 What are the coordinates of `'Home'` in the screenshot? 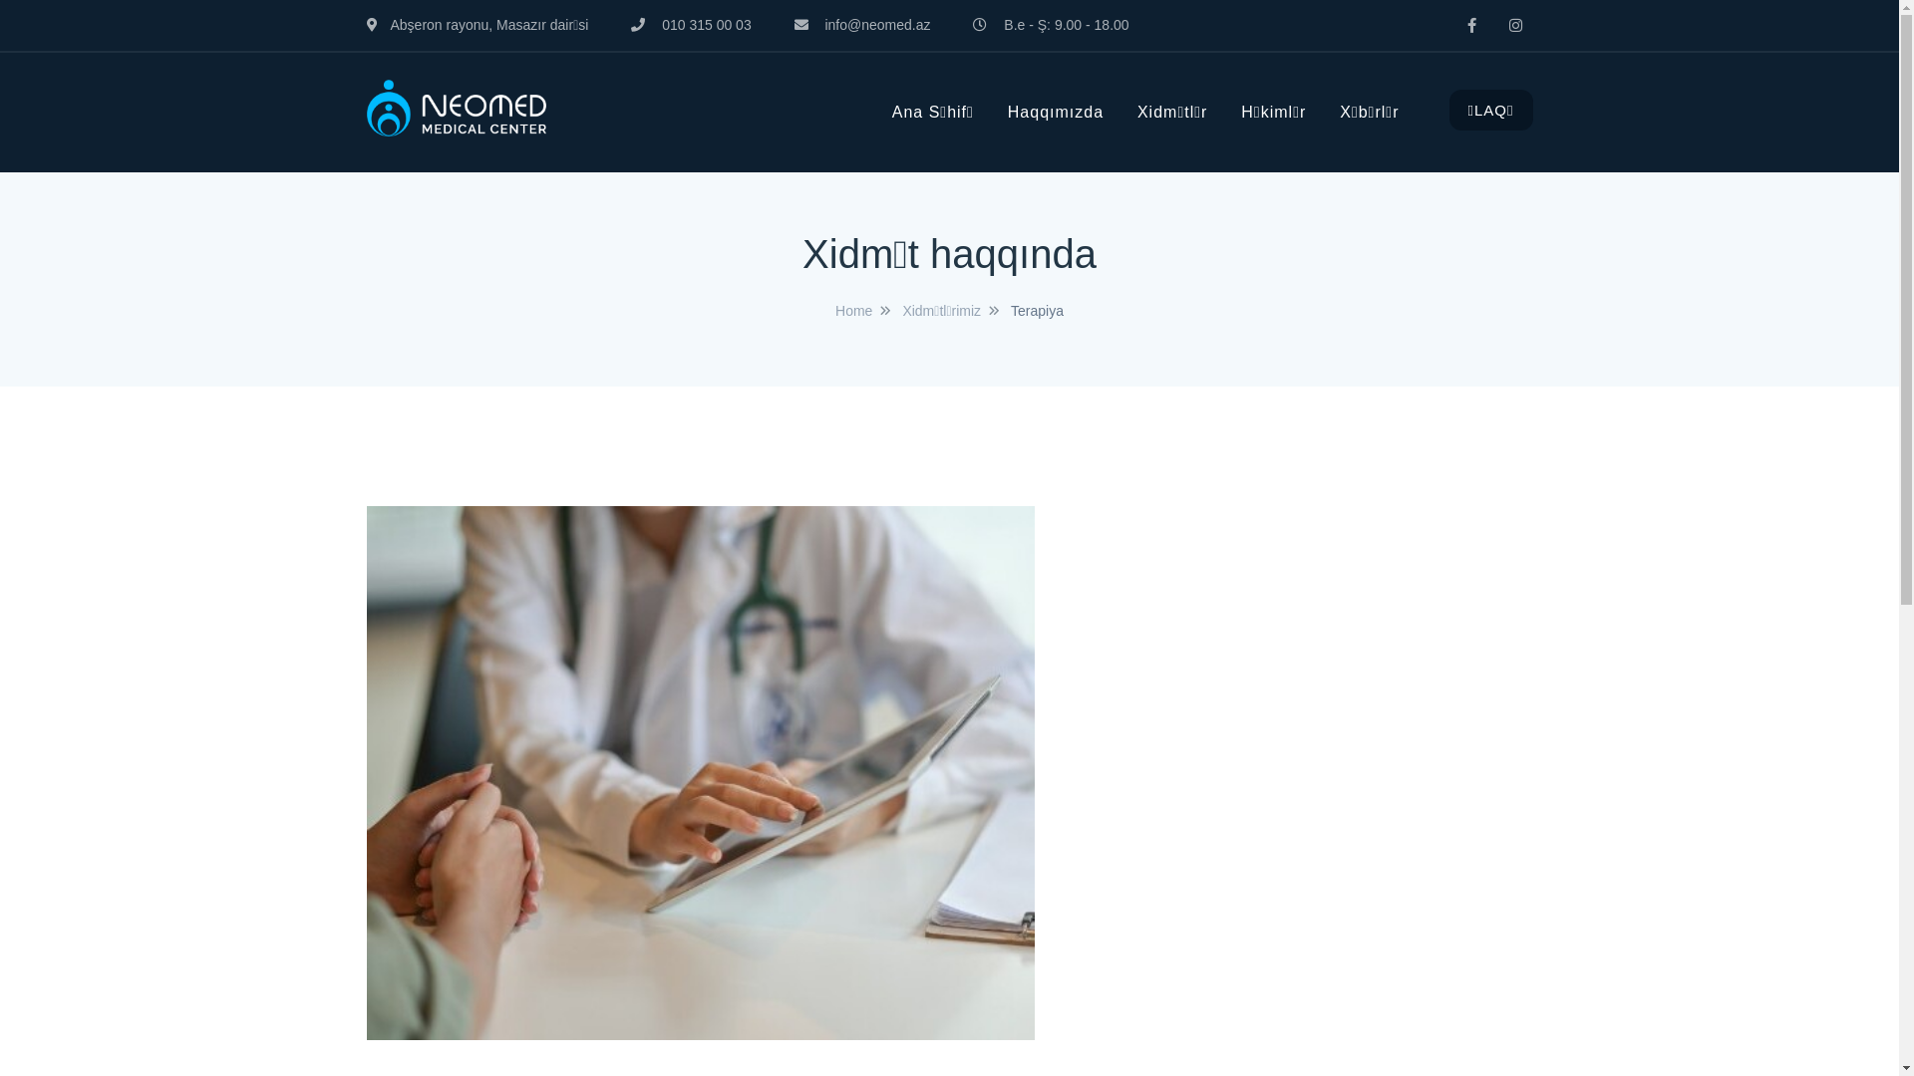 It's located at (853, 311).